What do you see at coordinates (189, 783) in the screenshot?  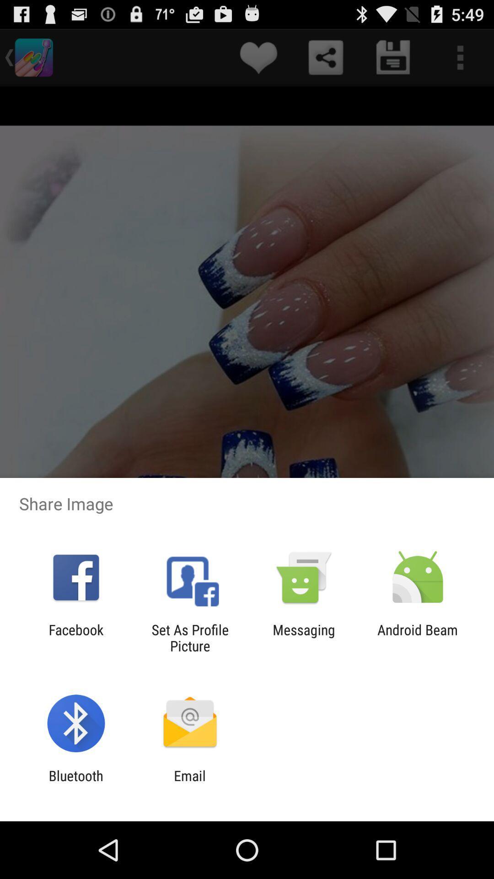 I see `the icon next to the bluetooth icon` at bounding box center [189, 783].